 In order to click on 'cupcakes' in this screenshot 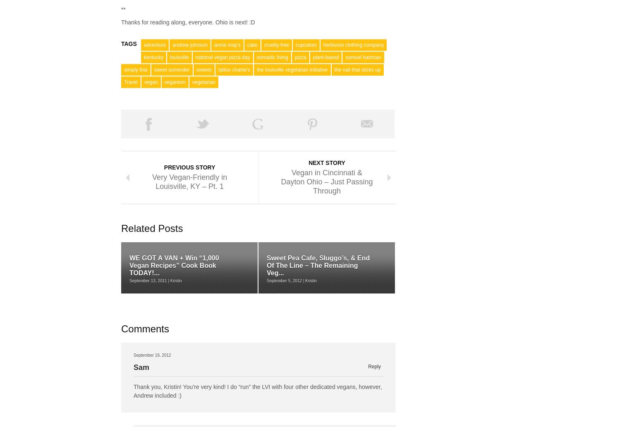, I will do `click(306, 45)`.